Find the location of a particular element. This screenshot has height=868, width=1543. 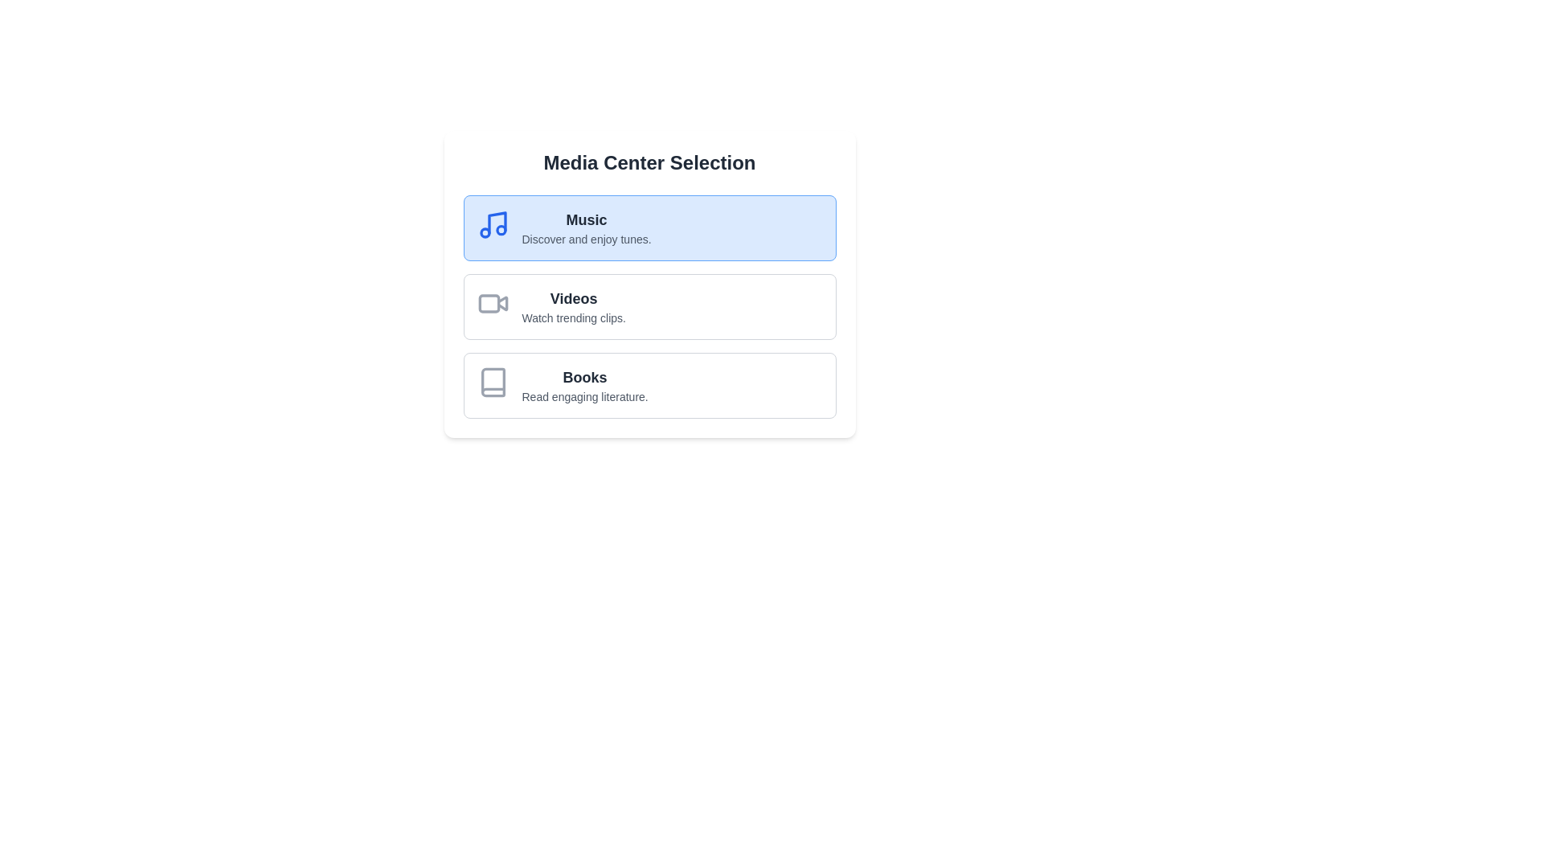

the small blue and white circular graphical element within the music note icon, which is positioned towards the bottom left of the icon is located at coordinates (484, 232).